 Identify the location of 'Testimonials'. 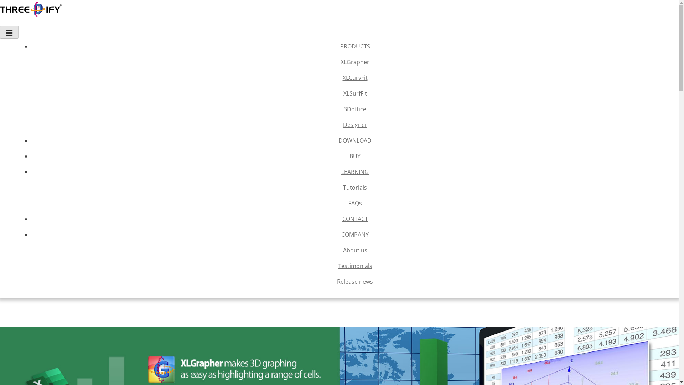
(355, 266).